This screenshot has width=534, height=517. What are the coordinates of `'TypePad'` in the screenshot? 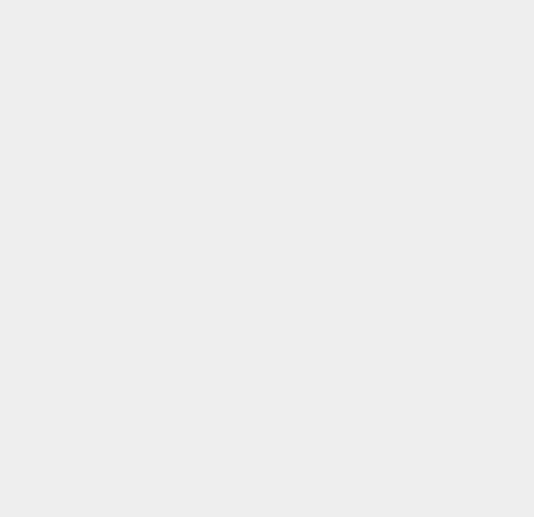 It's located at (390, 14).